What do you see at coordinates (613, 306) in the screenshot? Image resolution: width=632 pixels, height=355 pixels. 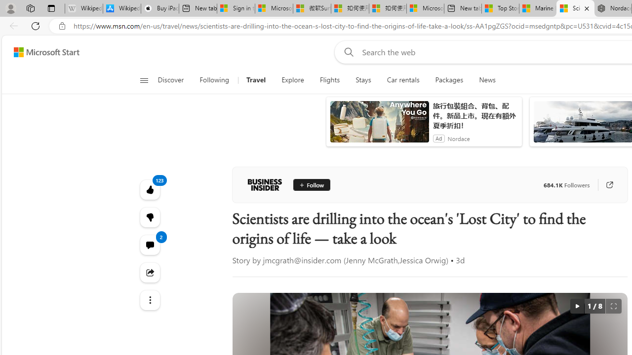 I see `'Full screen'` at bounding box center [613, 306].